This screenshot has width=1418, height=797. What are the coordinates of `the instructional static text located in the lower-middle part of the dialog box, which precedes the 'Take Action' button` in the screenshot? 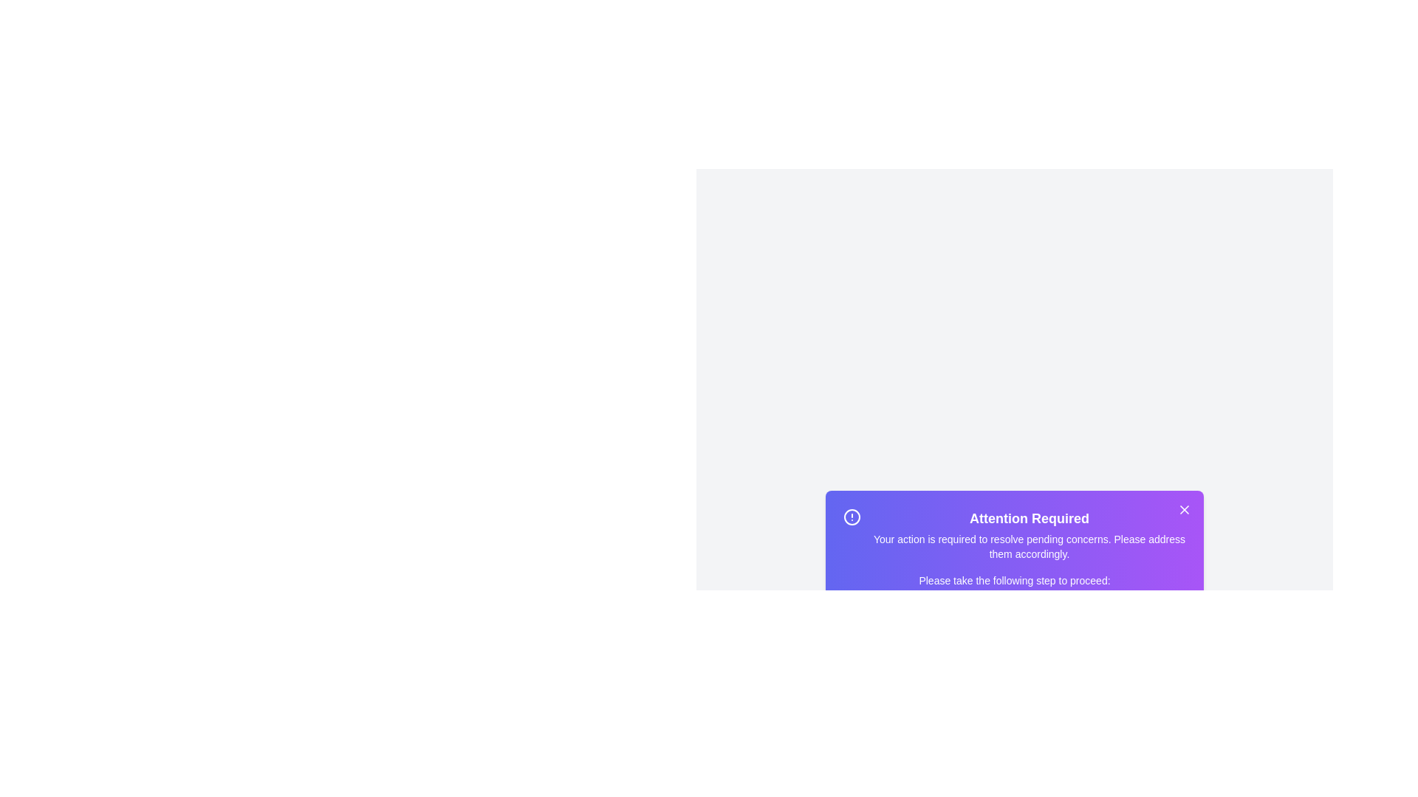 It's located at (1013, 579).